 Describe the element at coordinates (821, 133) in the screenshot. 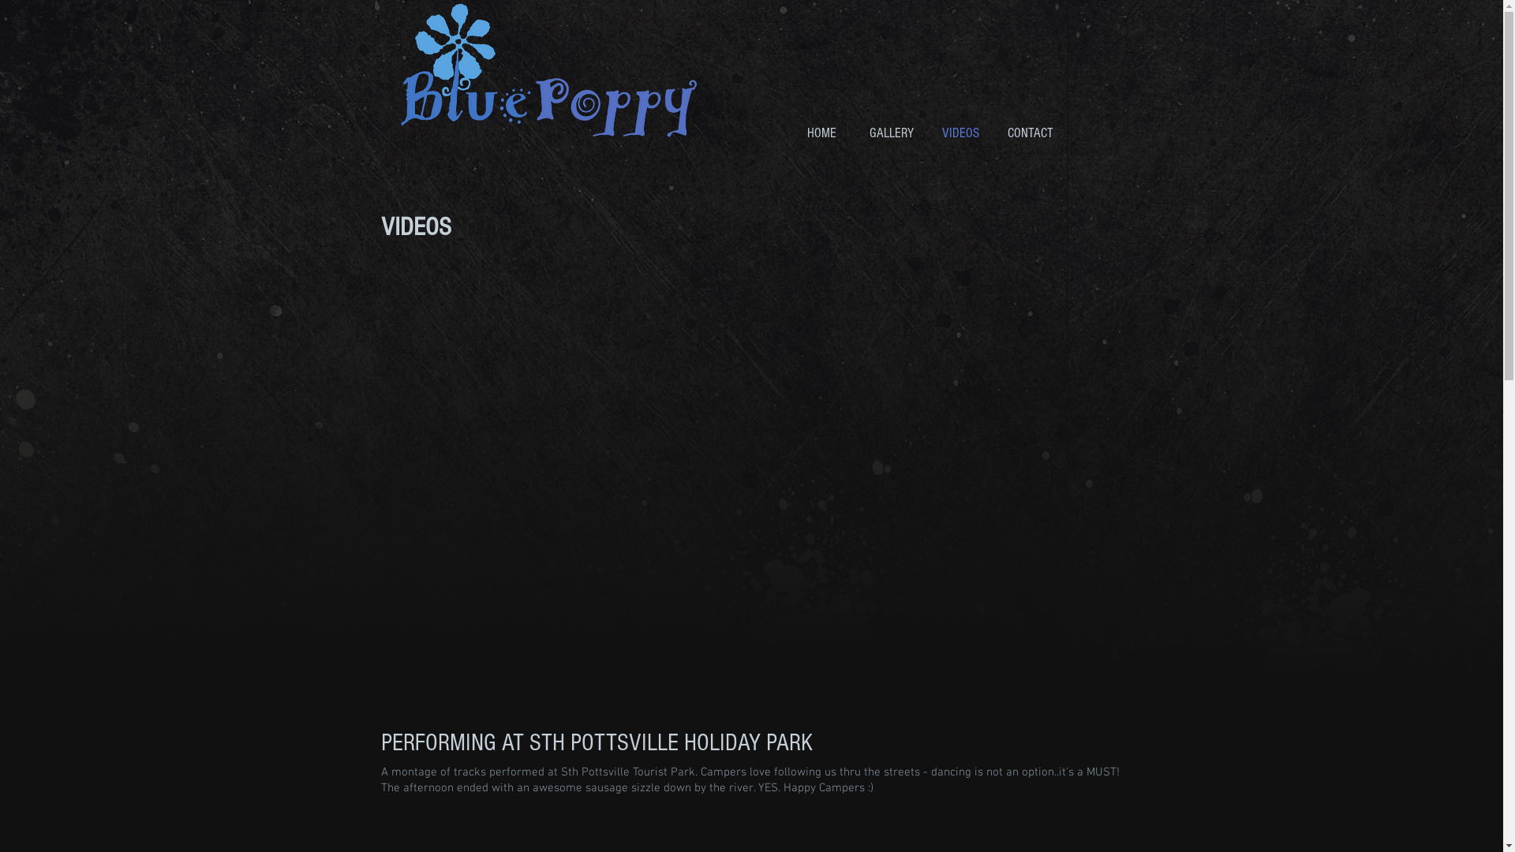

I see `'HOME'` at that location.